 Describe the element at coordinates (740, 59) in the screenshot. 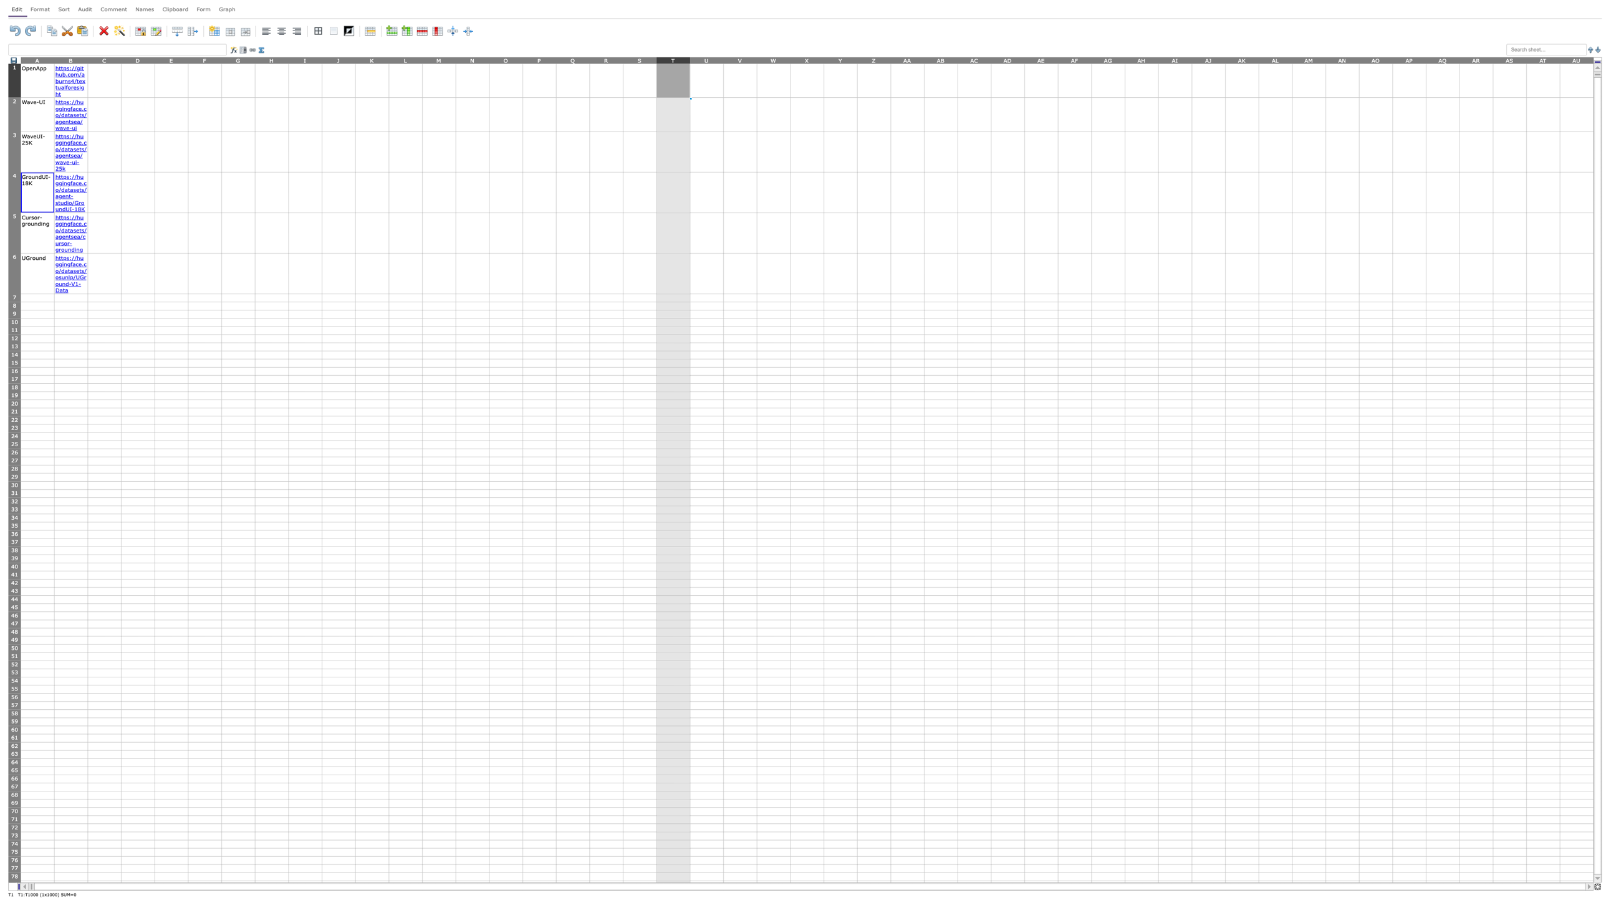

I see `column V` at that location.